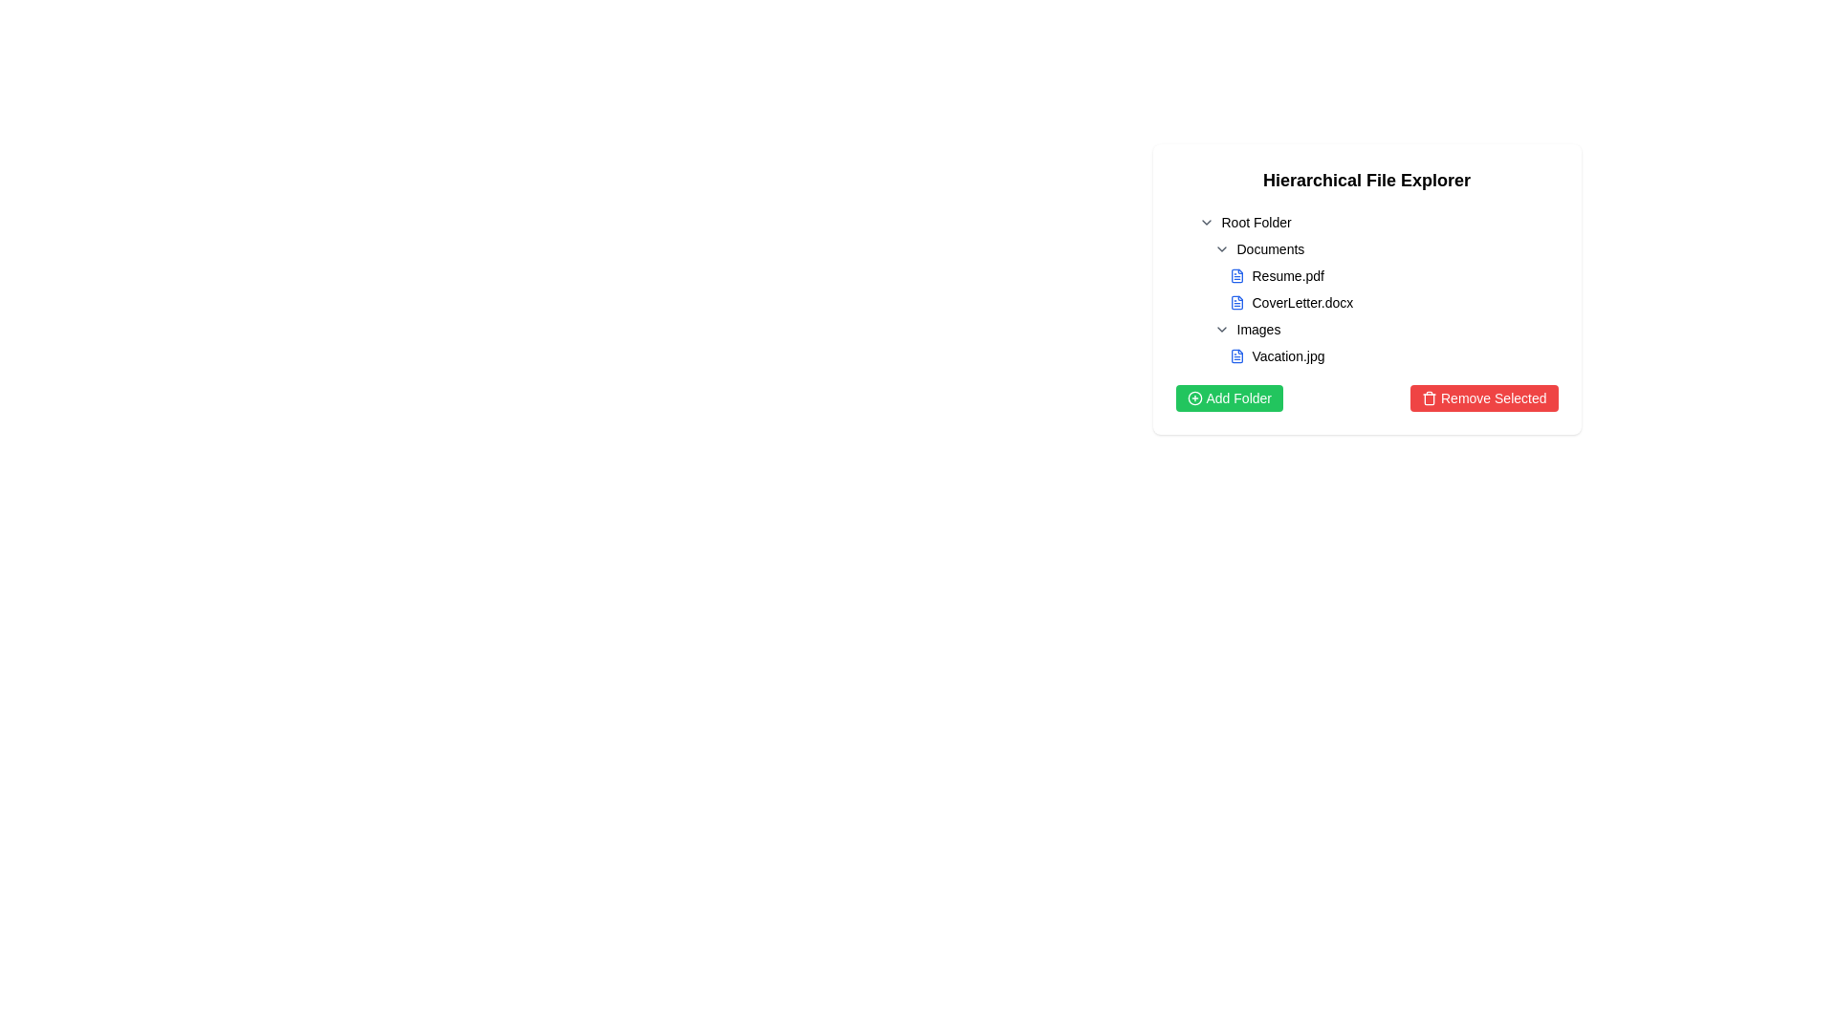 The width and height of the screenshot is (1836, 1032). I want to click on the blue document icon, so click(1236, 301).